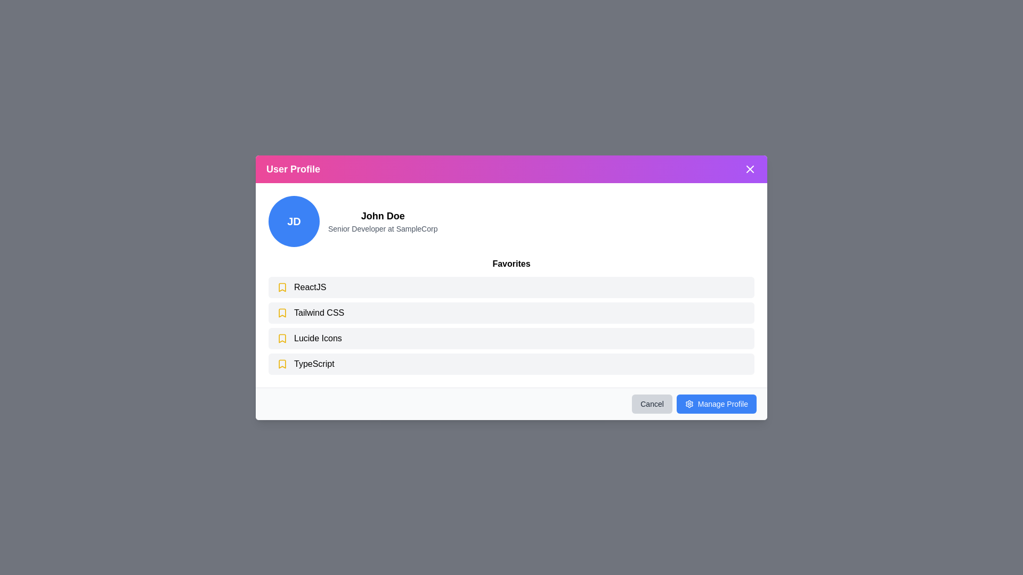 The image size is (1023, 575). Describe the element at coordinates (282, 363) in the screenshot. I see `the bookmark icon located at the far left of the row containing the 'TypeScript' label, which is situated within the 'Favorites' section` at that location.